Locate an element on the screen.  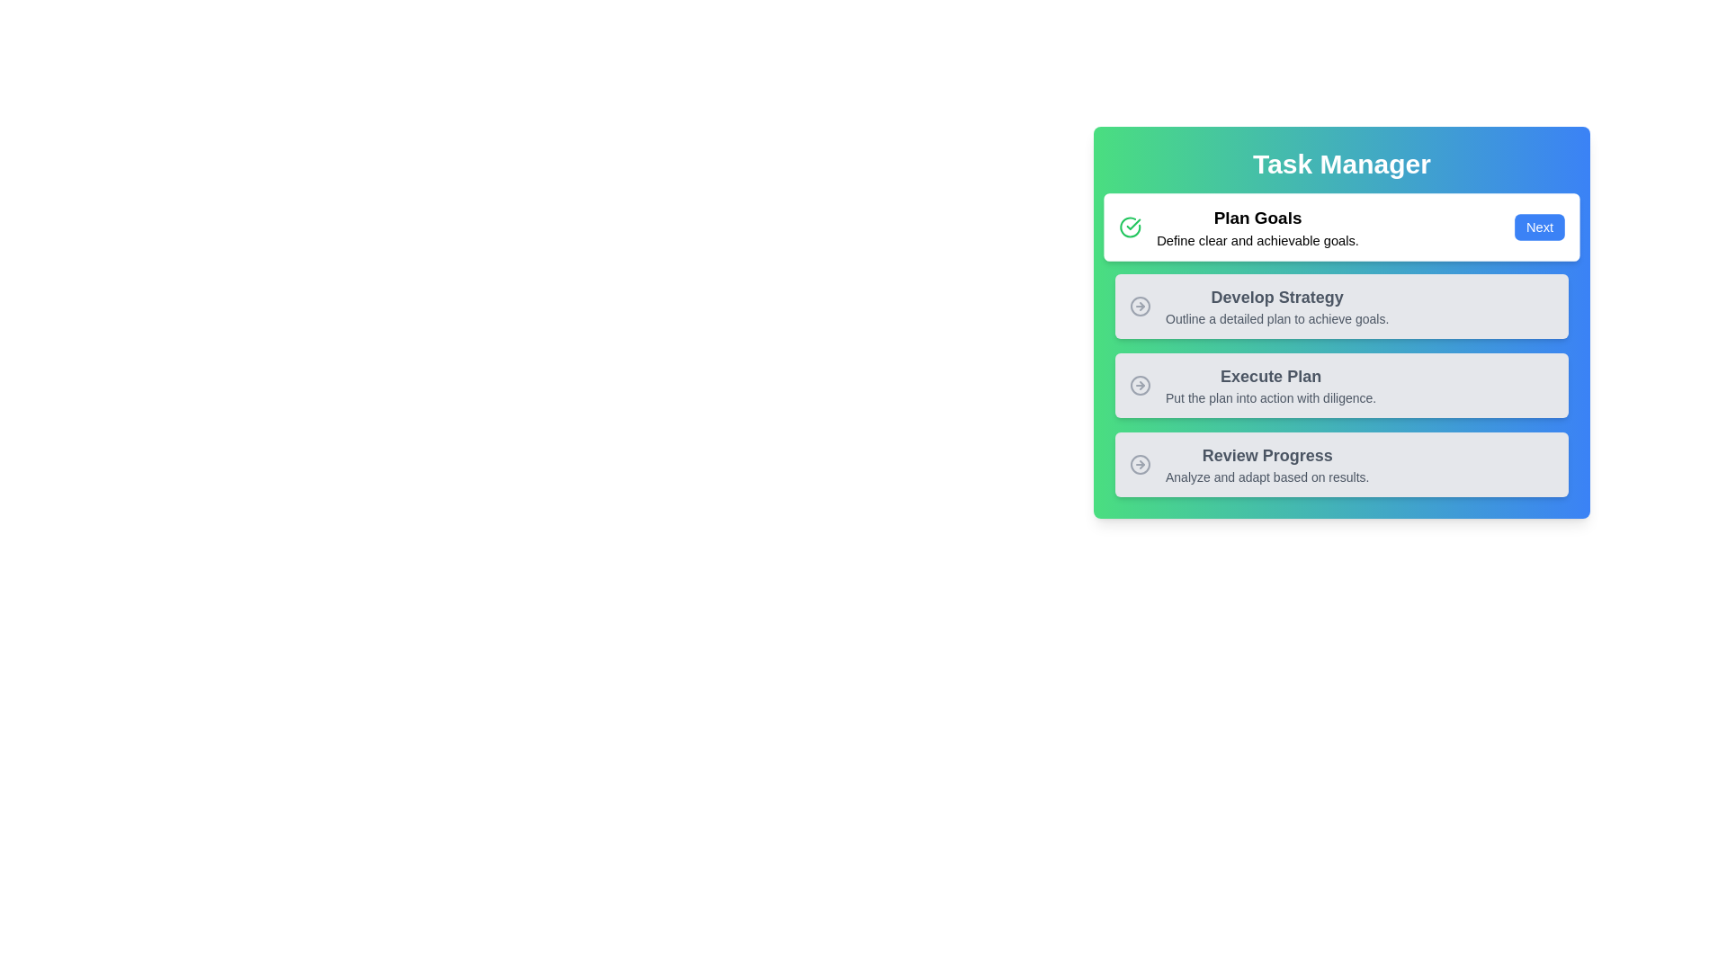
the text section titled 'Plan Goals' which features a bold title and a smaller description, located under the 'Task Manager' heading in a card-like interface is located at coordinates (1257, 227).